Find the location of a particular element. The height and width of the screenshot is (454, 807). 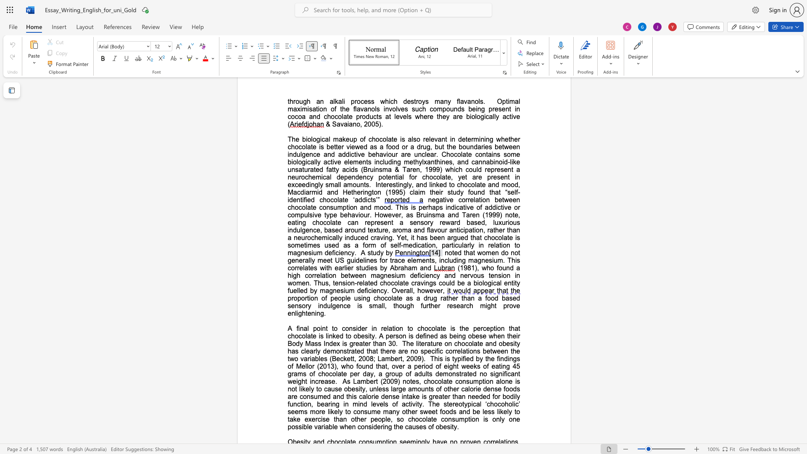

the 1th character "f" in the text is located at coordinates (297, 328).